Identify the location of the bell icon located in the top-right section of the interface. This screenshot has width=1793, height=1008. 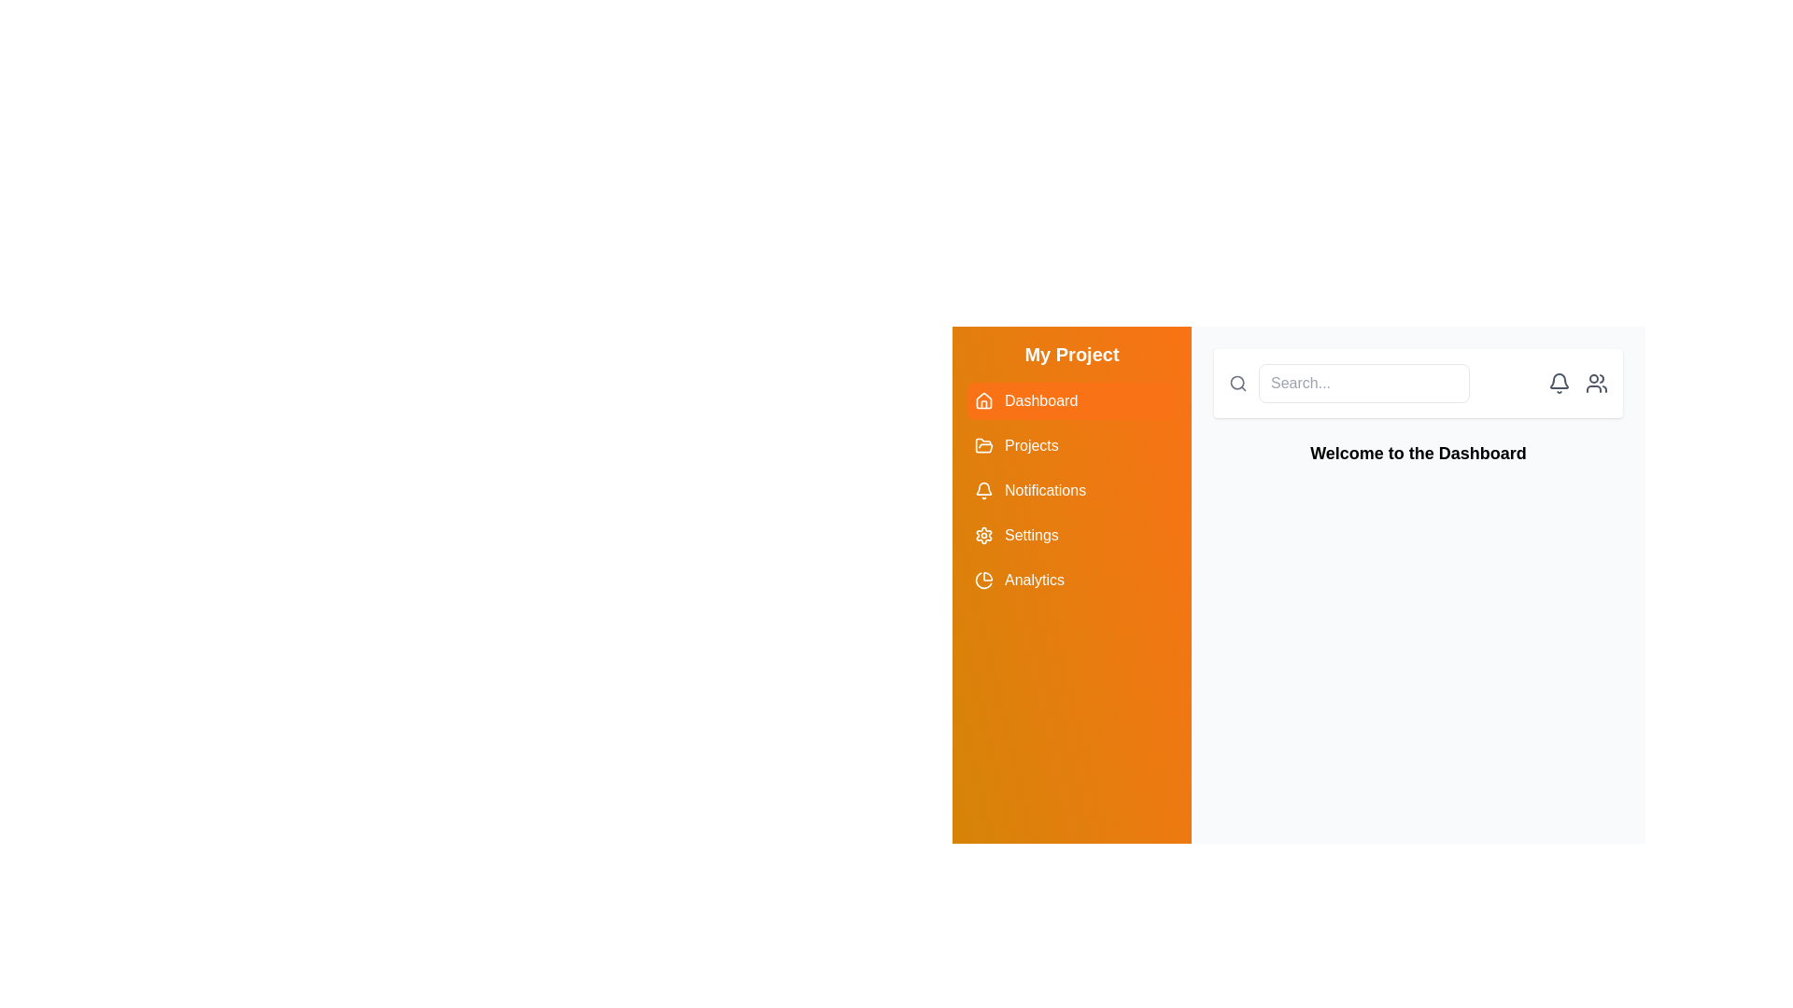
(1560, 383).